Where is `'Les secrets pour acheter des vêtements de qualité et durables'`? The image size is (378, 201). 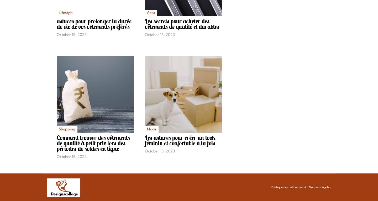 'Les secrets pour acheter des vêtements de qualité et durables' is located at coordinates (182, 24).